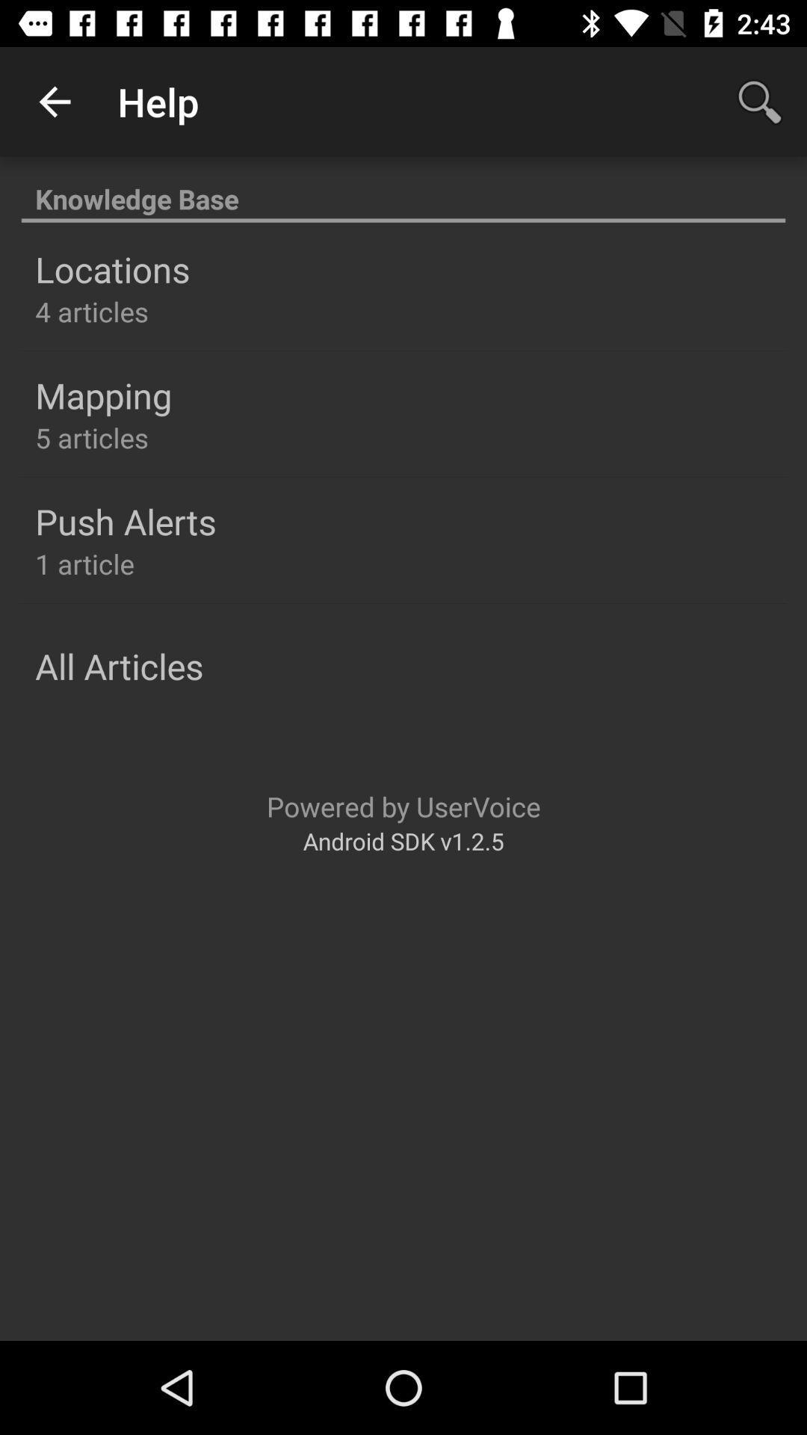 The image size is (807, 1435). I want to click on the item below mapping item, so click(92, 436).